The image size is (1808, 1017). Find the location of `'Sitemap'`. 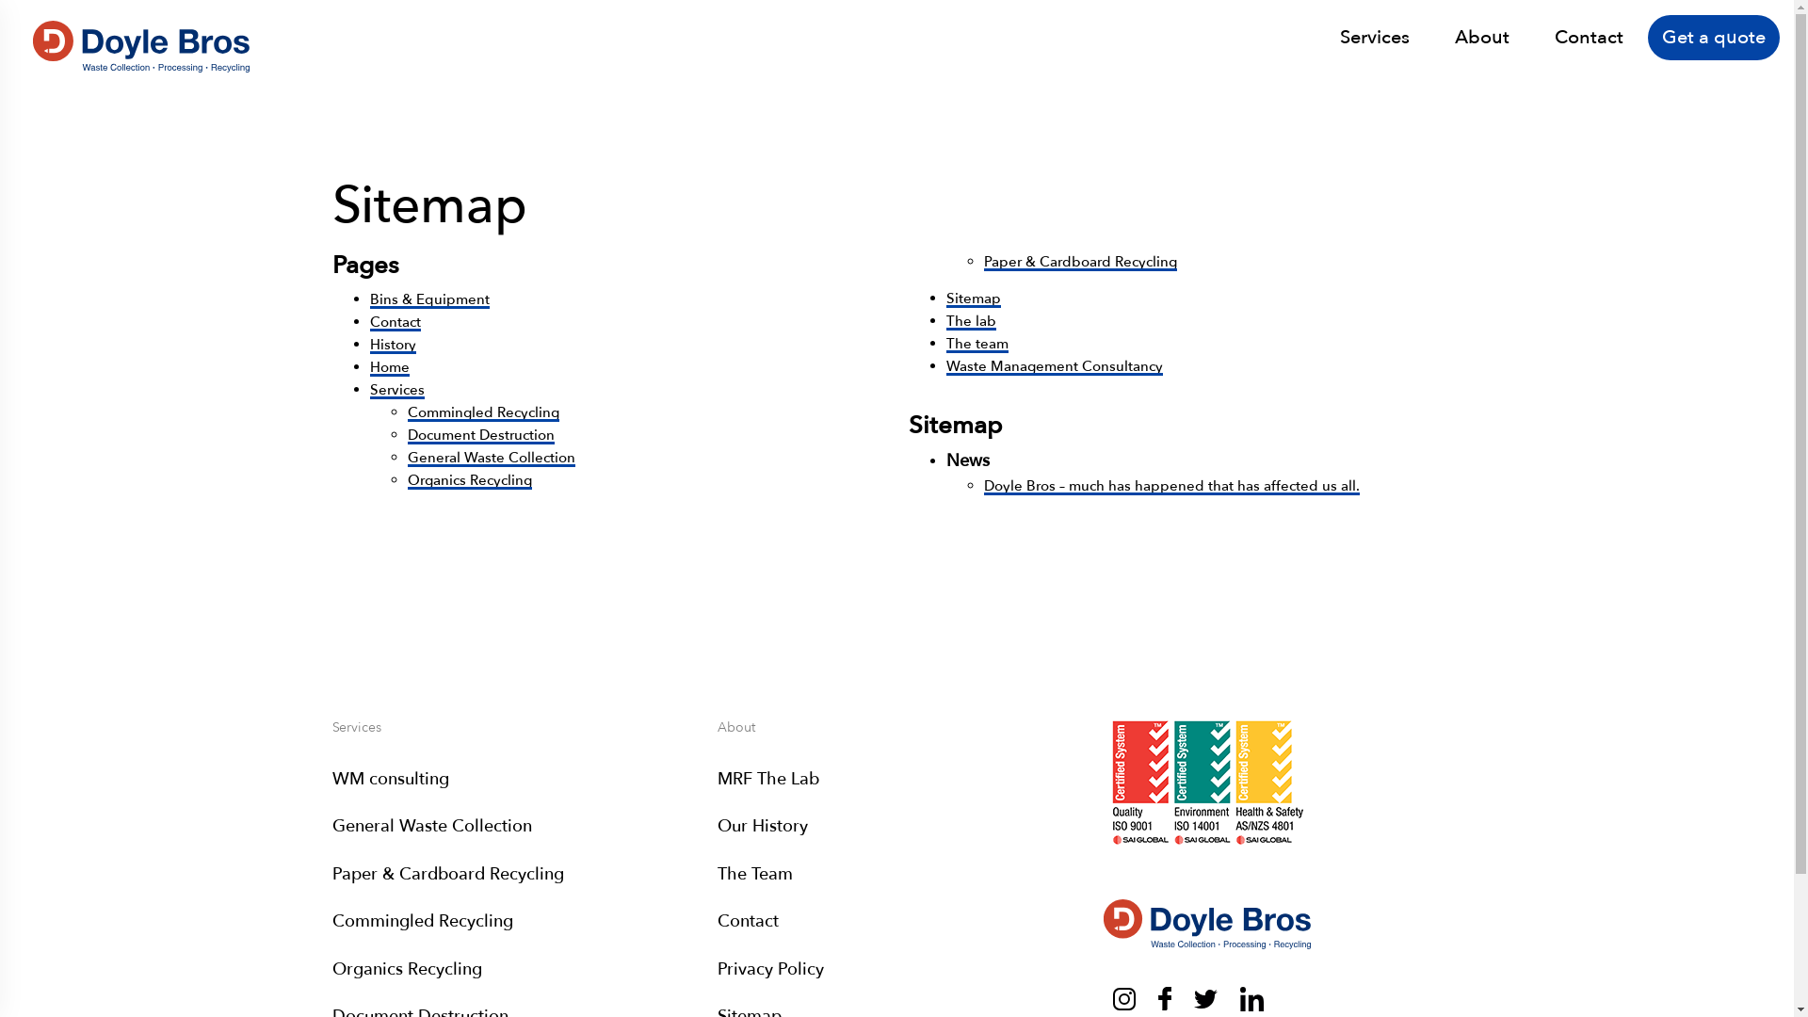

'Sitemap' is located at coordinates (945, 297).